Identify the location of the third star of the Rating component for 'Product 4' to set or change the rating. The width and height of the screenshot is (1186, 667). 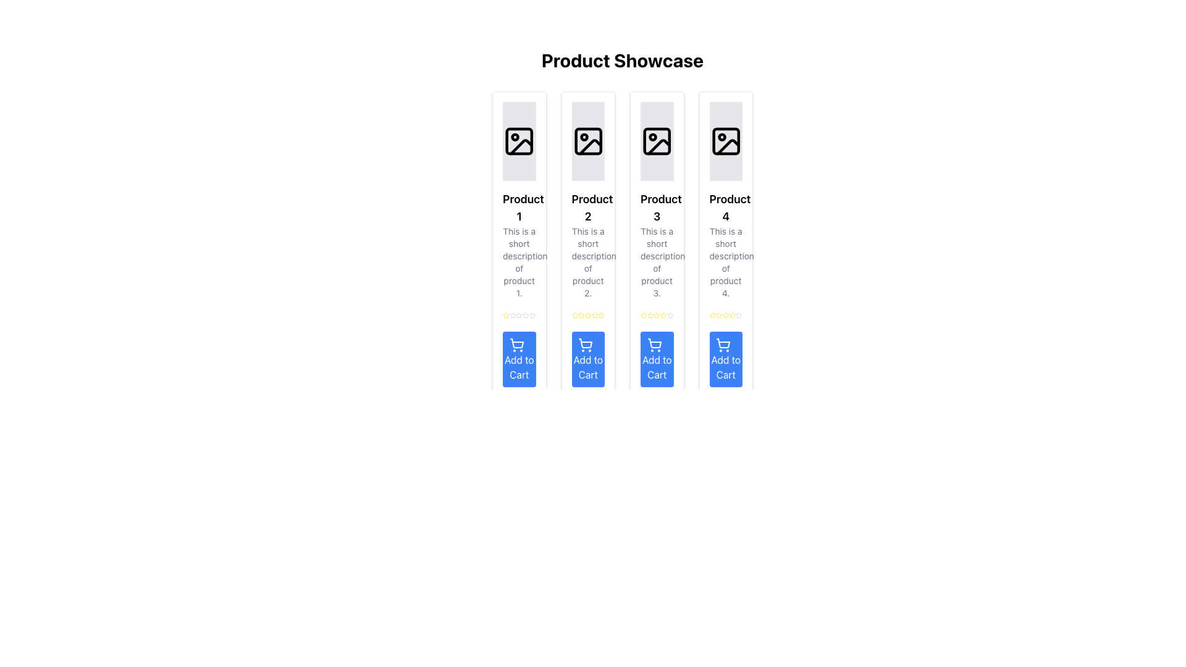
(726, 314).